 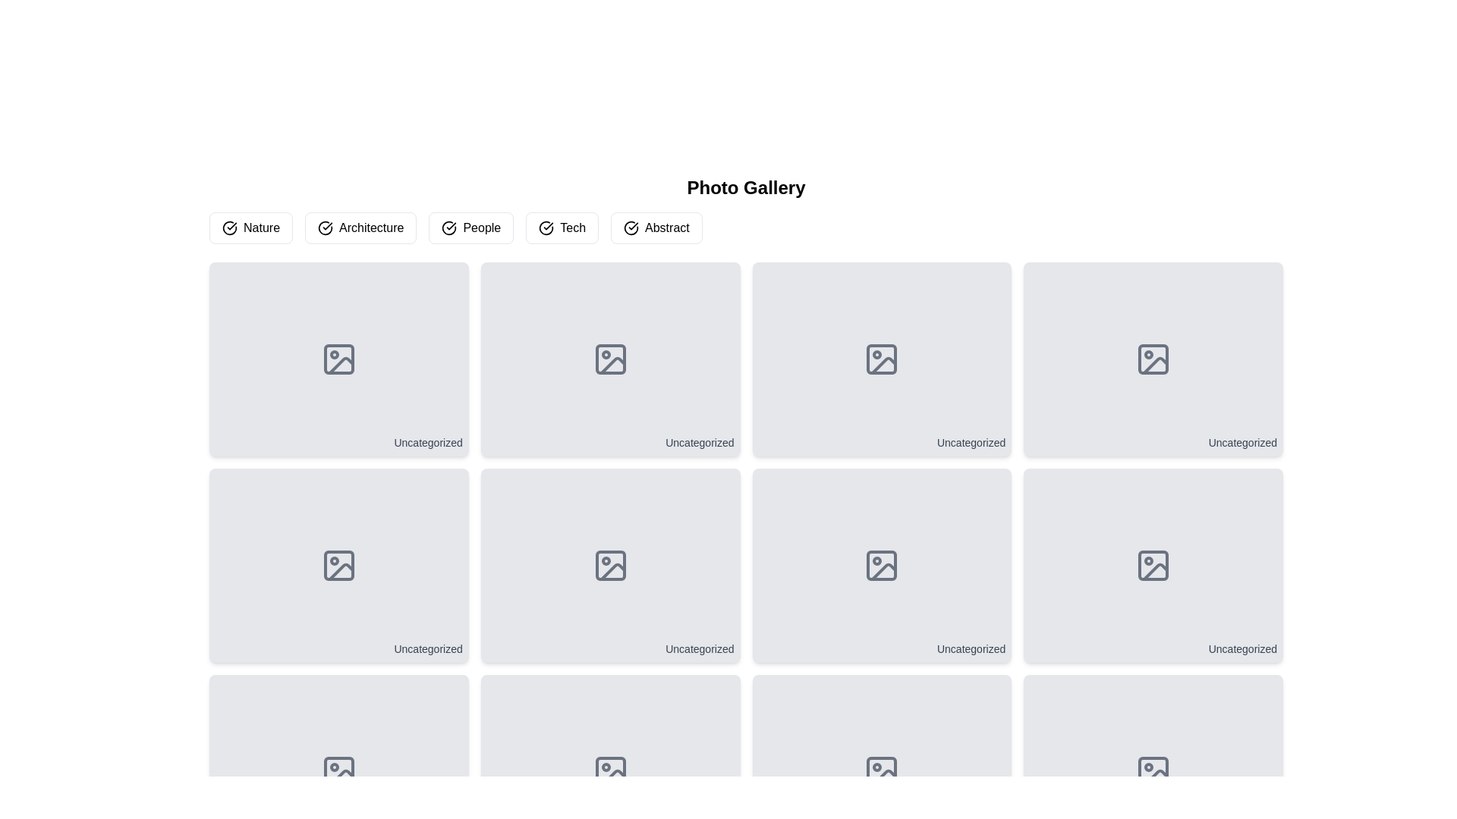 What do you see at coordinates (448, 227) in the screenshot?
I see `the SVG icon indicating the active state of the 'People' filter button, which is the first visual component in the button arrangement` at bounding box center [448, 227].